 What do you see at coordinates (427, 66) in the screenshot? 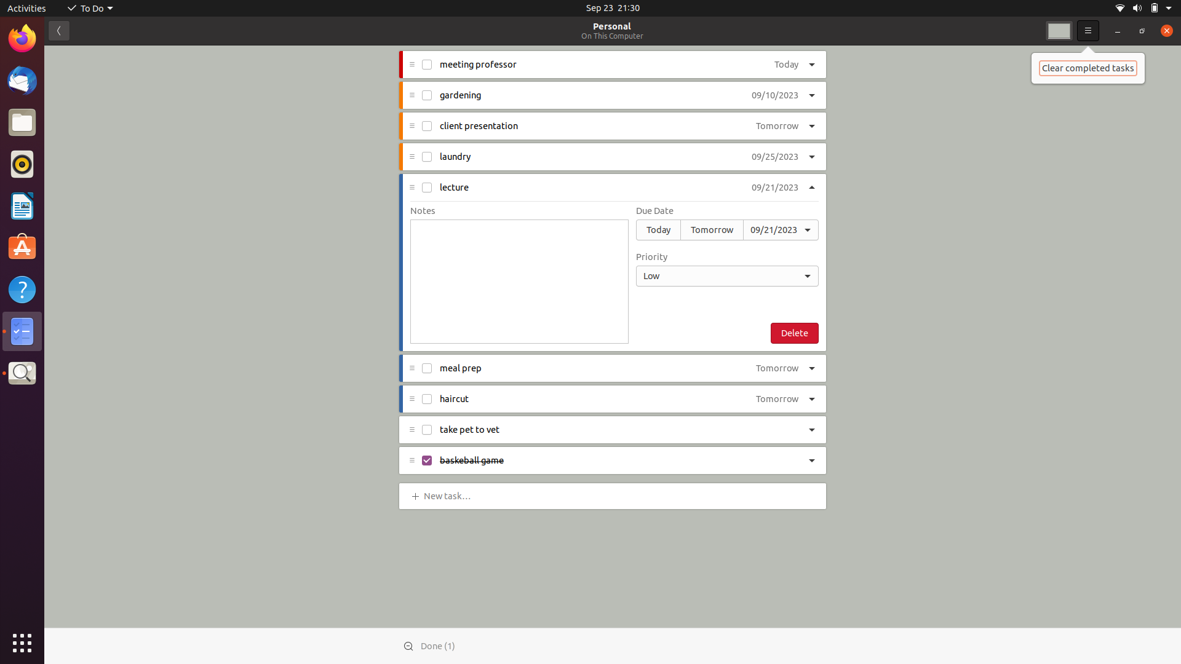
I see `Check off the "professor meeting" task` at bounding box center [427, 66].